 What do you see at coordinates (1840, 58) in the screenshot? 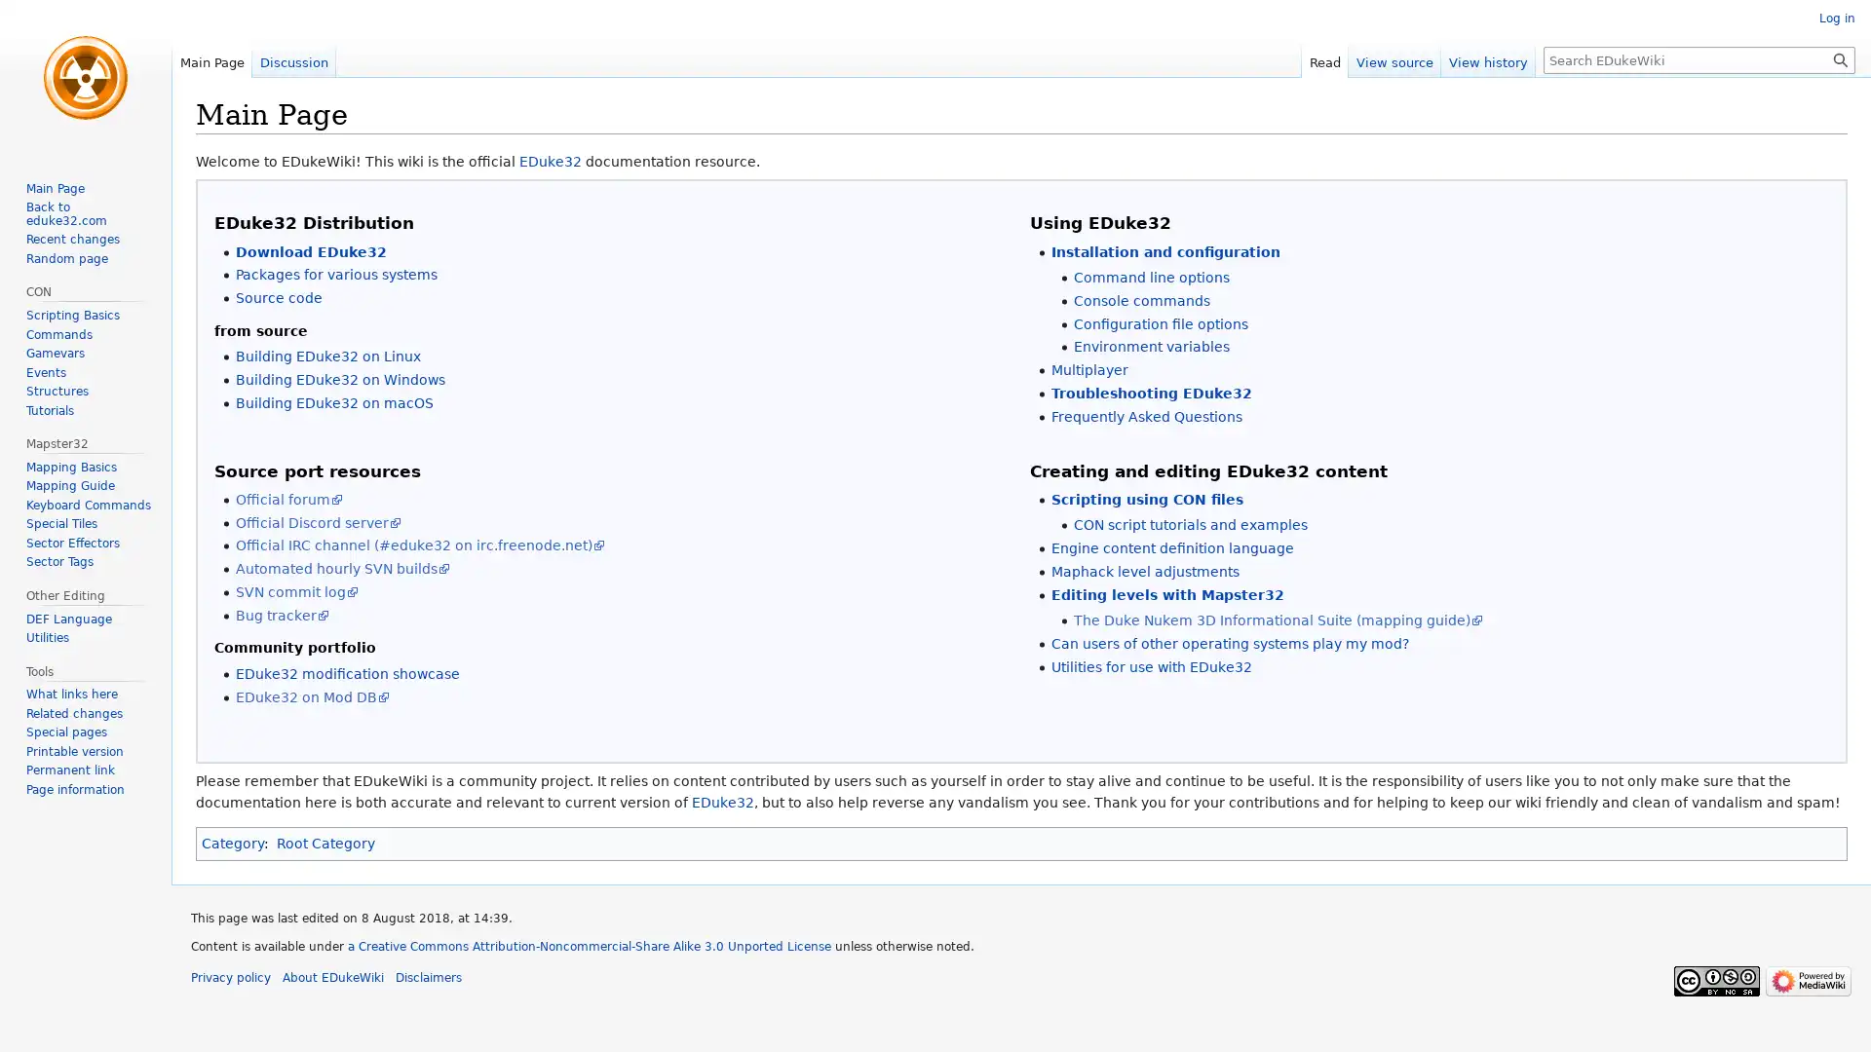
I see `Go` at bounding box center [1840, 58].